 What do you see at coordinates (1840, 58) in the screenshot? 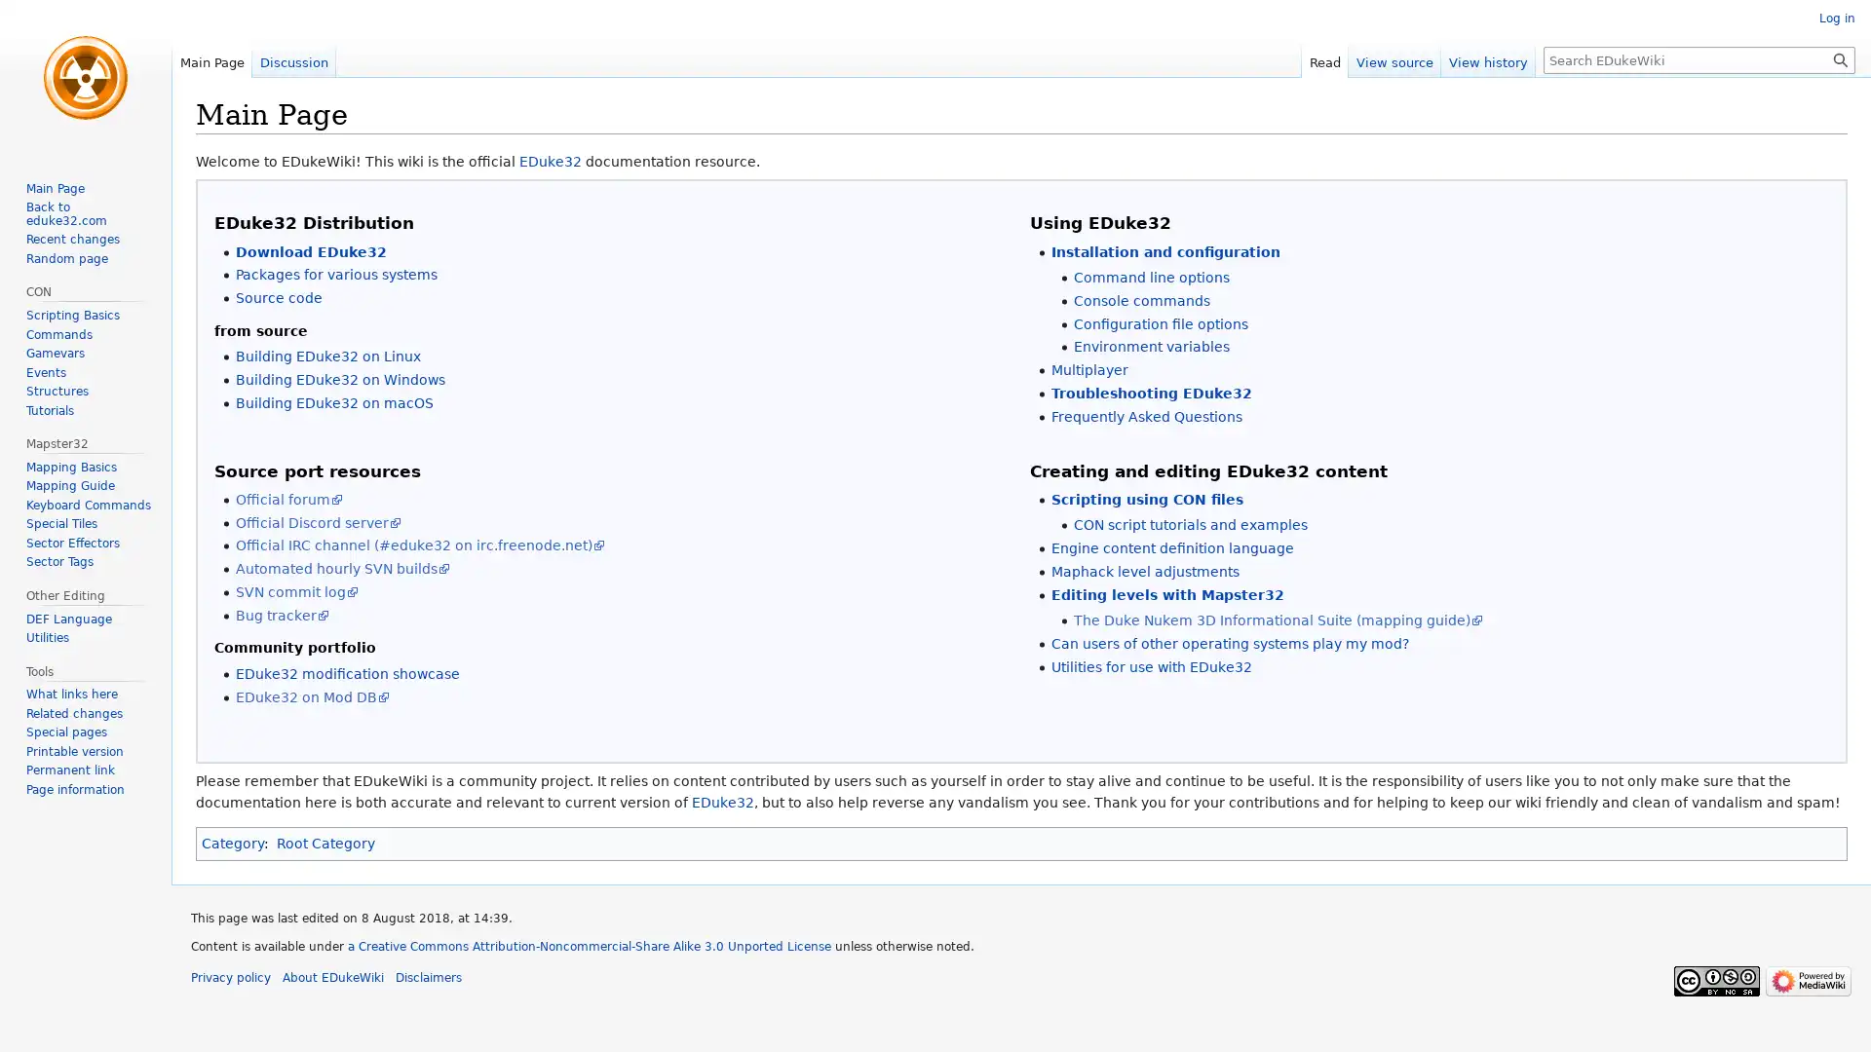
I see `Go` at bounding box center [1840, 58].